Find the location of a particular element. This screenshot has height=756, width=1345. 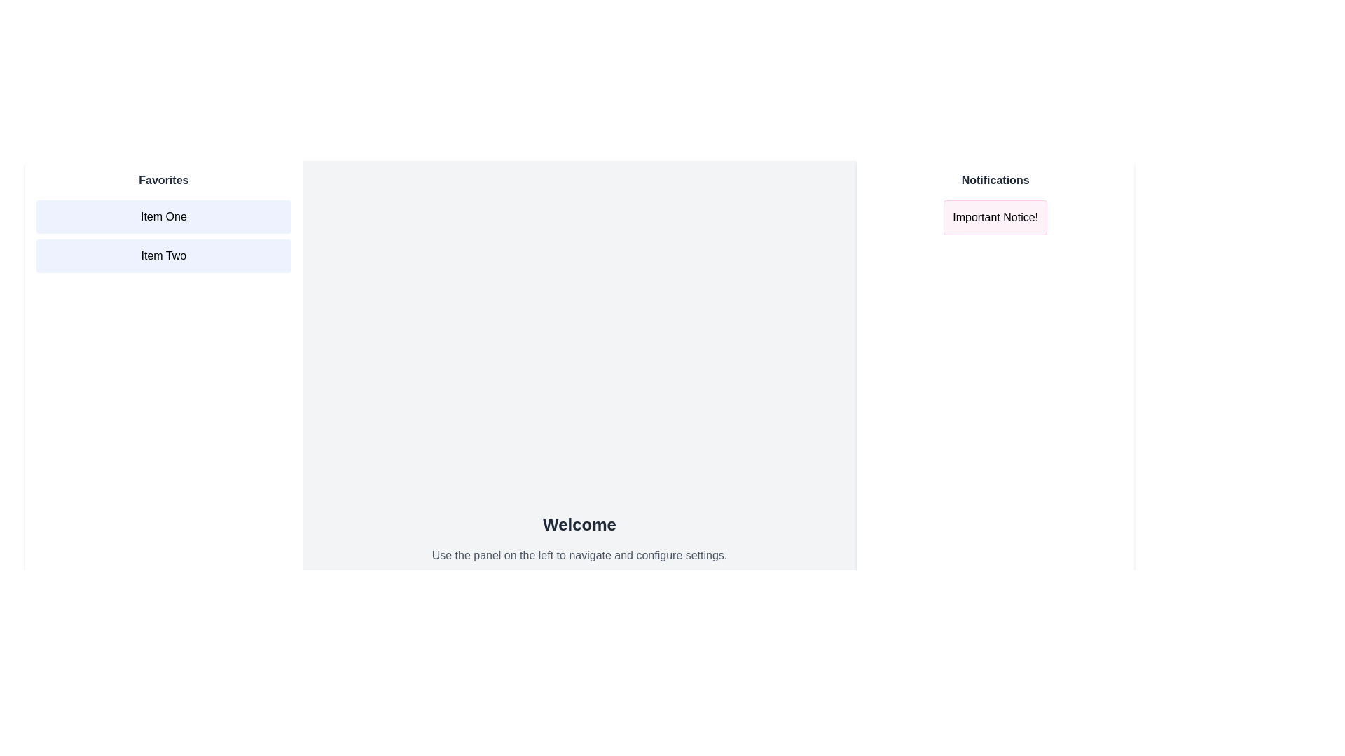

the Notification Box with a pink background and bold black text reading 'Important Notice!', located below the 'Notifications' text in the right sidebar is located at coordinates (995, 218).